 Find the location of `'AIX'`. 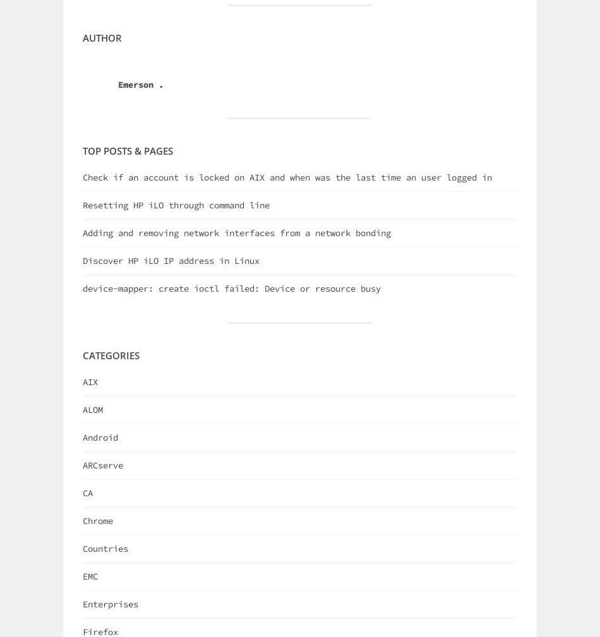

'AIX' is located at coordinates (90, 381).